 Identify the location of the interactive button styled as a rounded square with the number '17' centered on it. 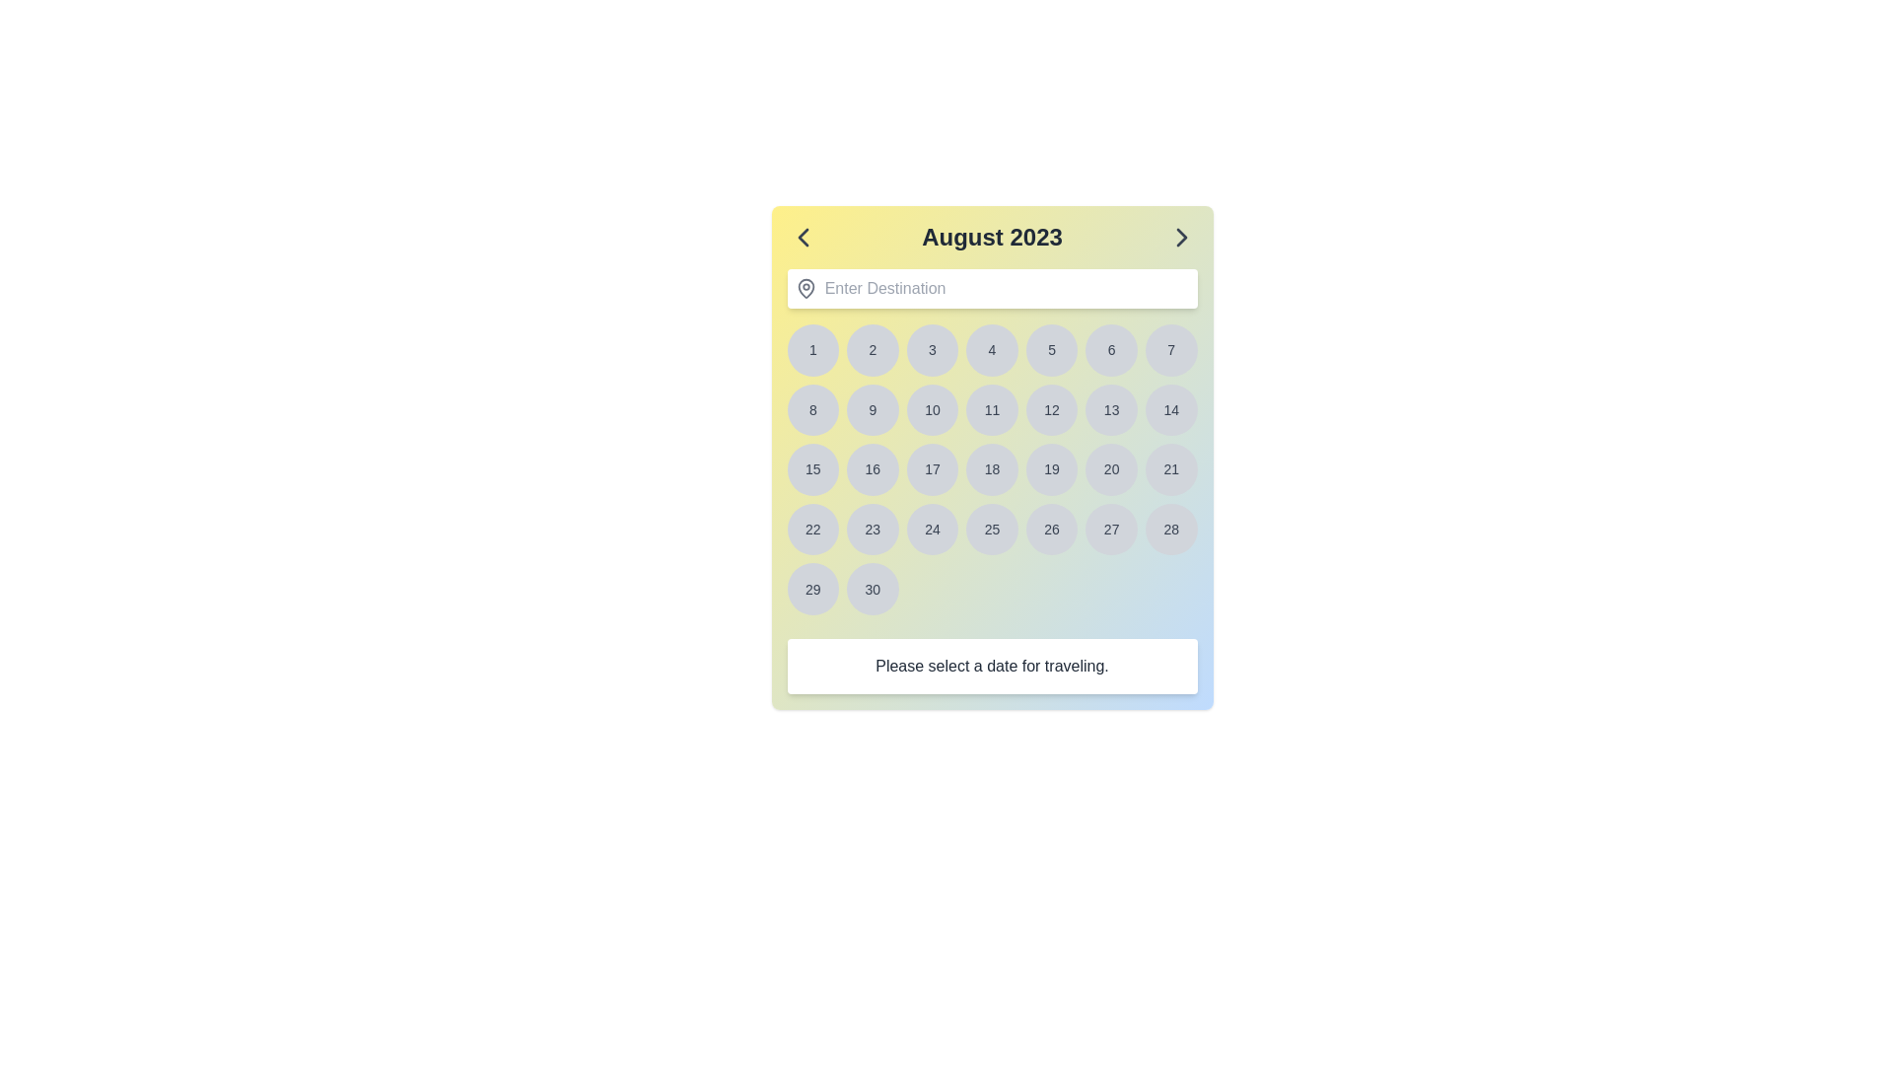
(931, 469).